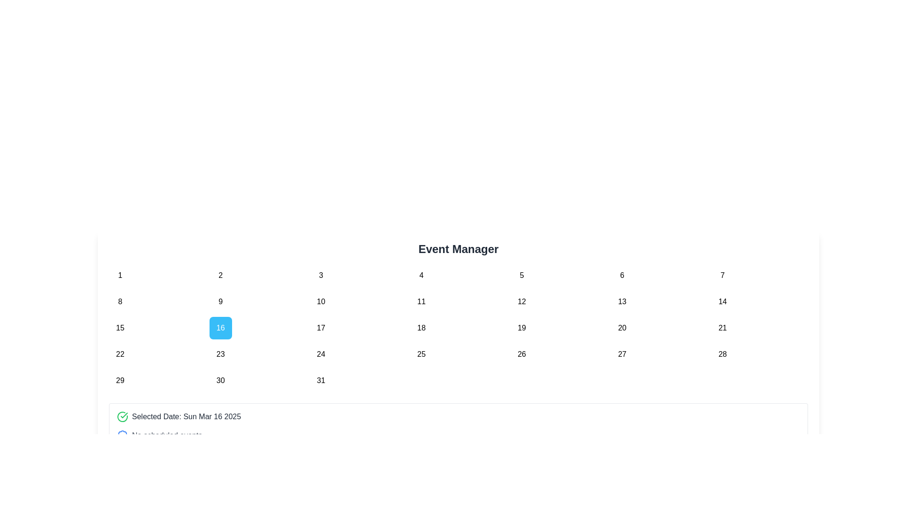 Image resolution: width=902 pixels, height=507 pixels. Describe the element at coordinates (321, 302) in the screenshot. I see `the button in the calendar interface located in the second row and third column` at that location.